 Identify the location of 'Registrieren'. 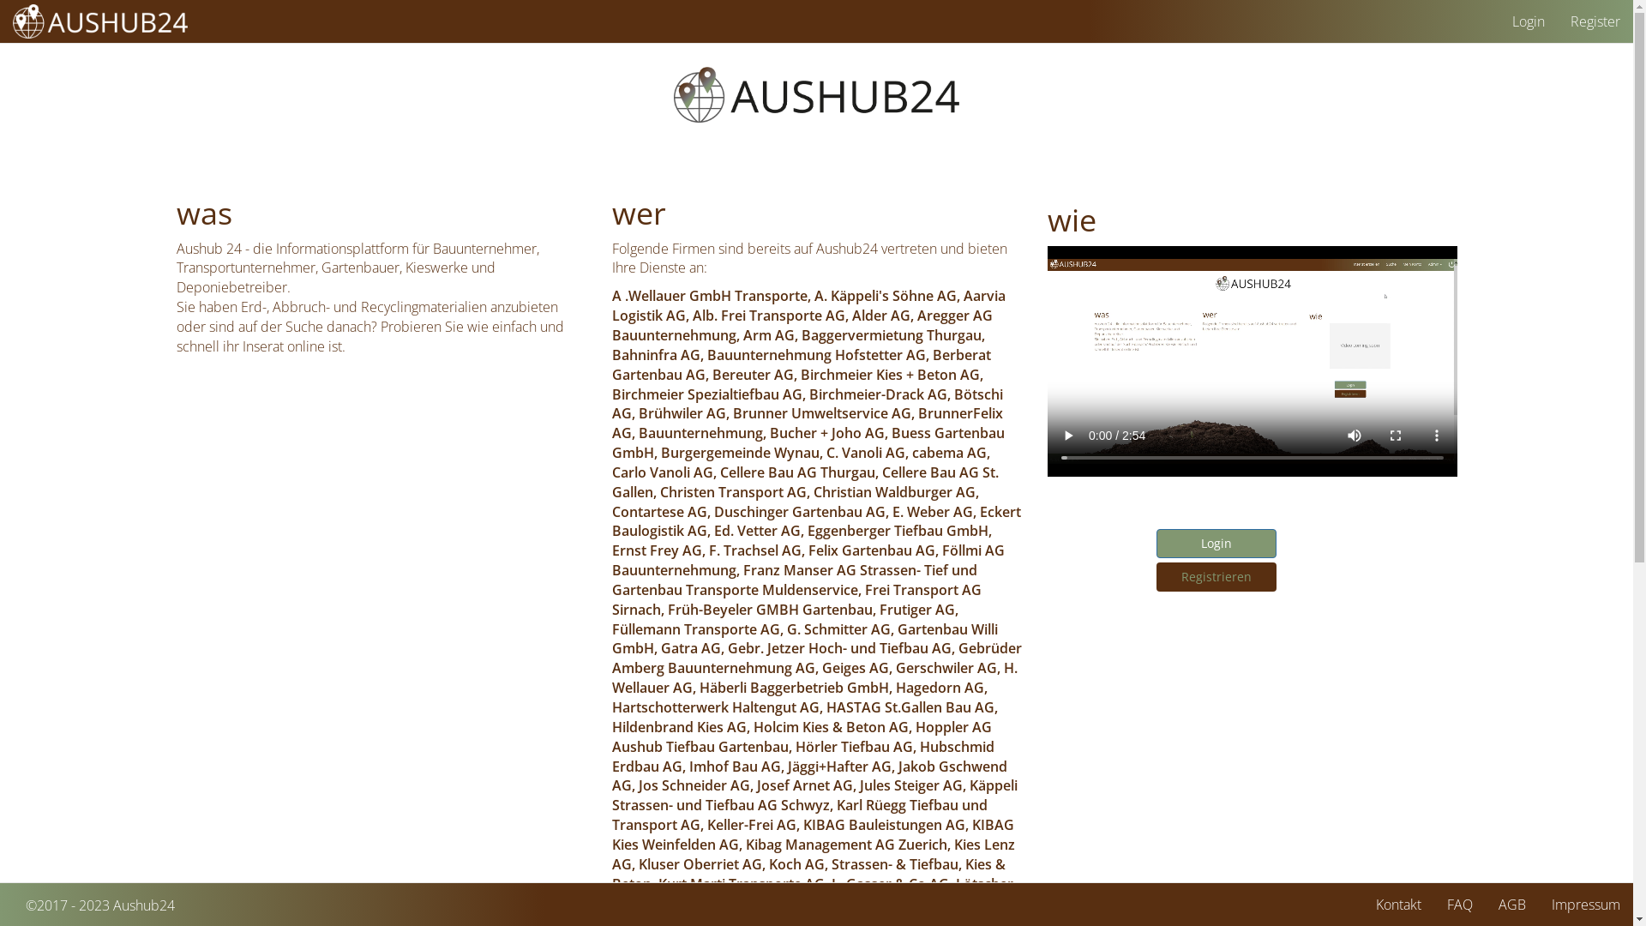
(1214, 576).